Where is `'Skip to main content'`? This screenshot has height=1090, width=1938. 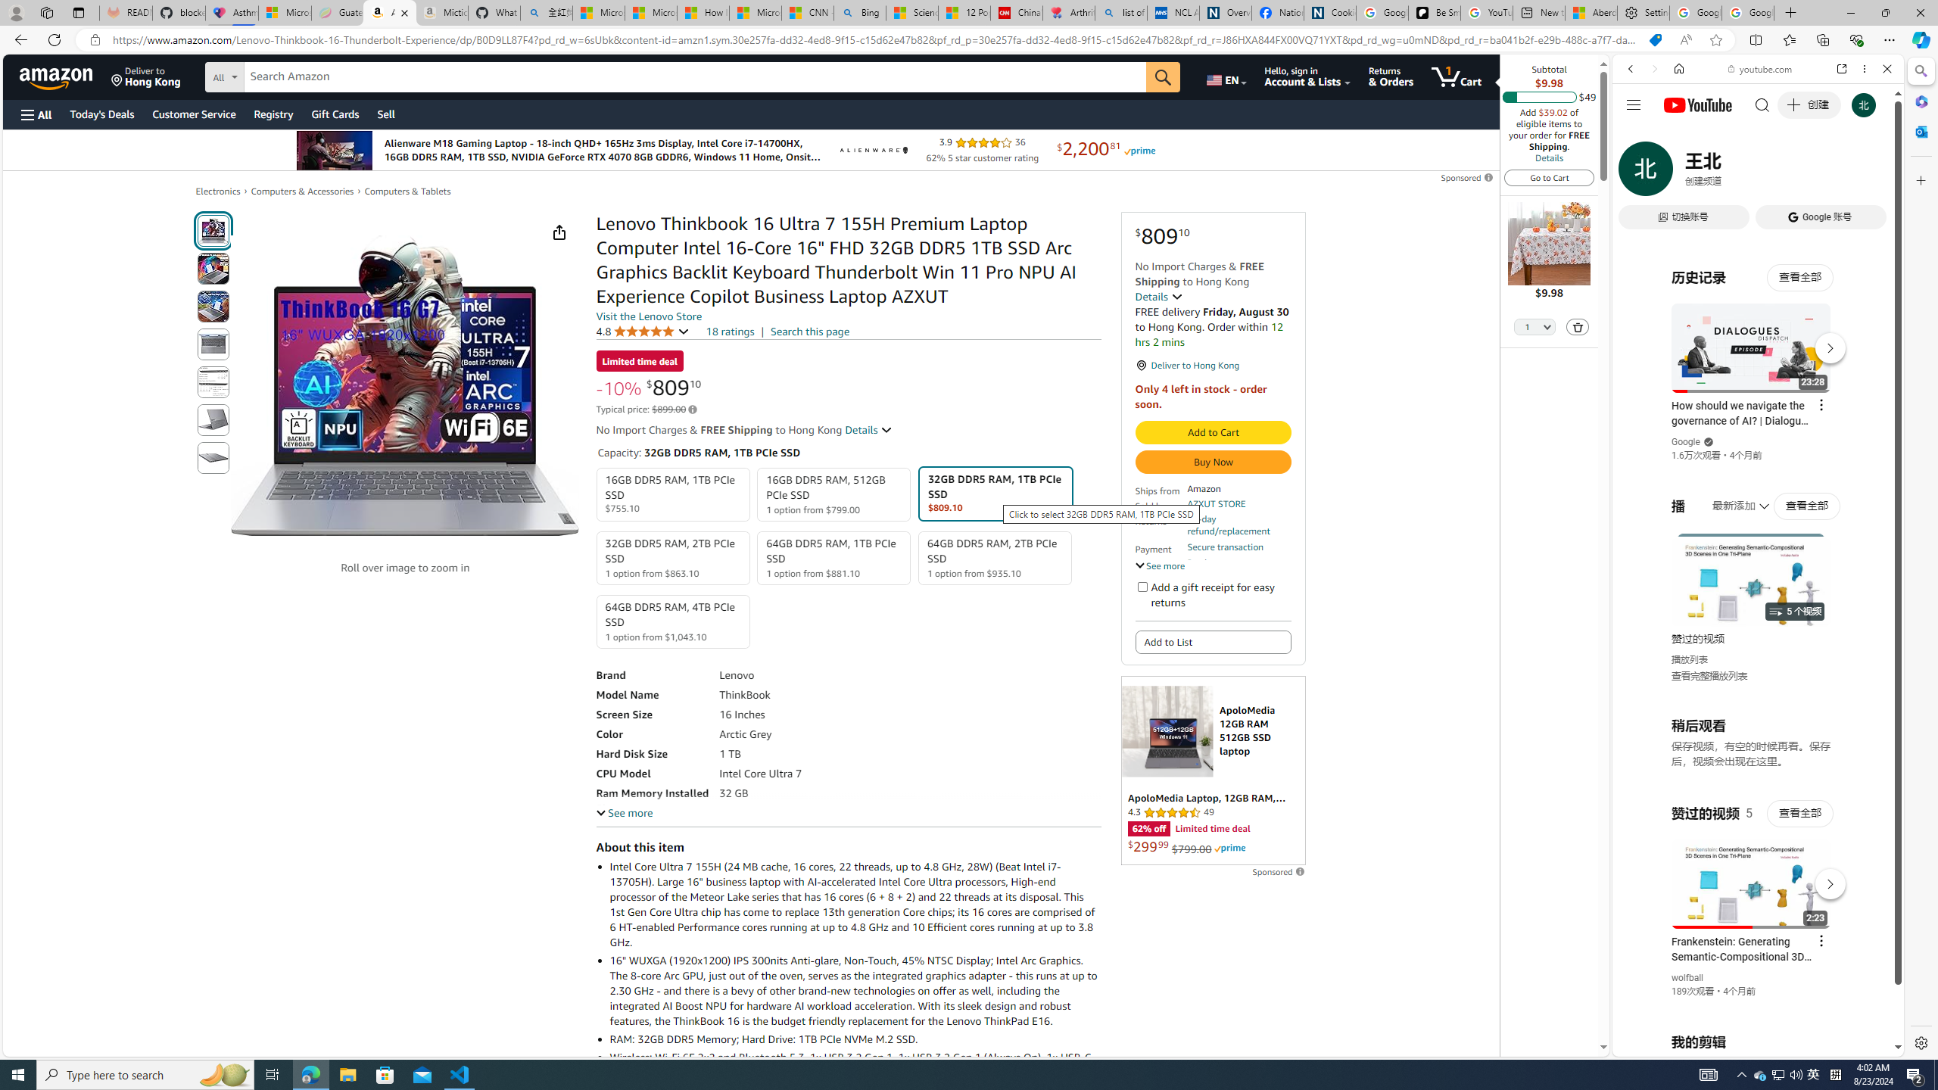 'Skip to main content' is located at coordinates (64, 75).